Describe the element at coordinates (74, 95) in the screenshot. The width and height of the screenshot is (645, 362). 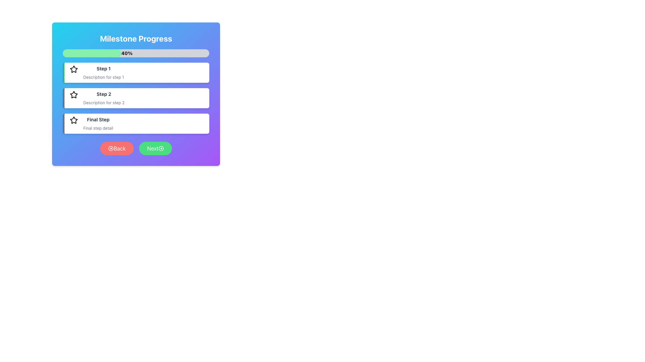
I see `the star icon located at the leftmost side of the 'Step 2' item in the checklist interface` at that location.